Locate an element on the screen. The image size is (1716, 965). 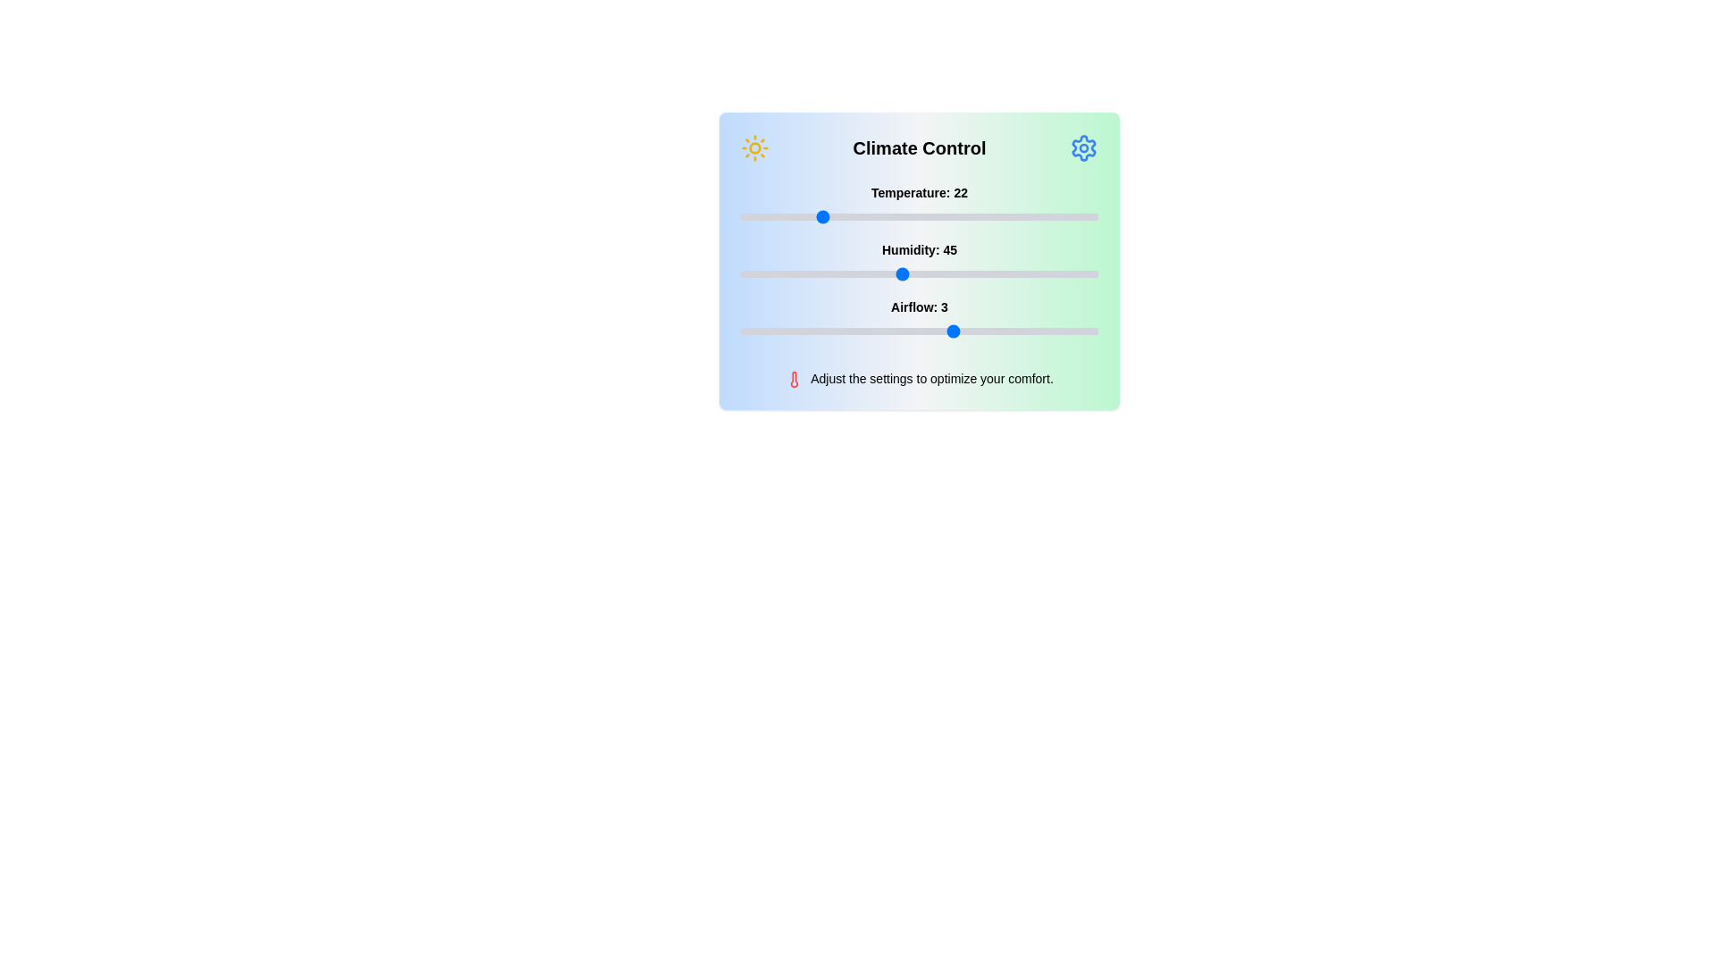
the temperature slider to 0 degrees is located at coordinates (741, 216).